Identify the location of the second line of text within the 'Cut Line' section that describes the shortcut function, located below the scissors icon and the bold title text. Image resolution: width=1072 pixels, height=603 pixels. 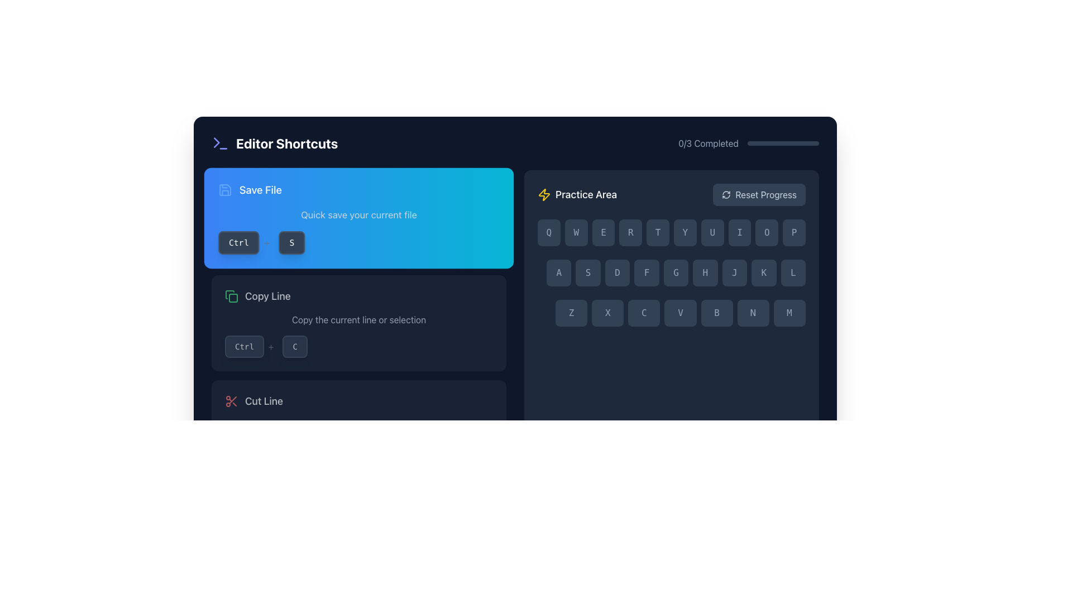
(359, 424).